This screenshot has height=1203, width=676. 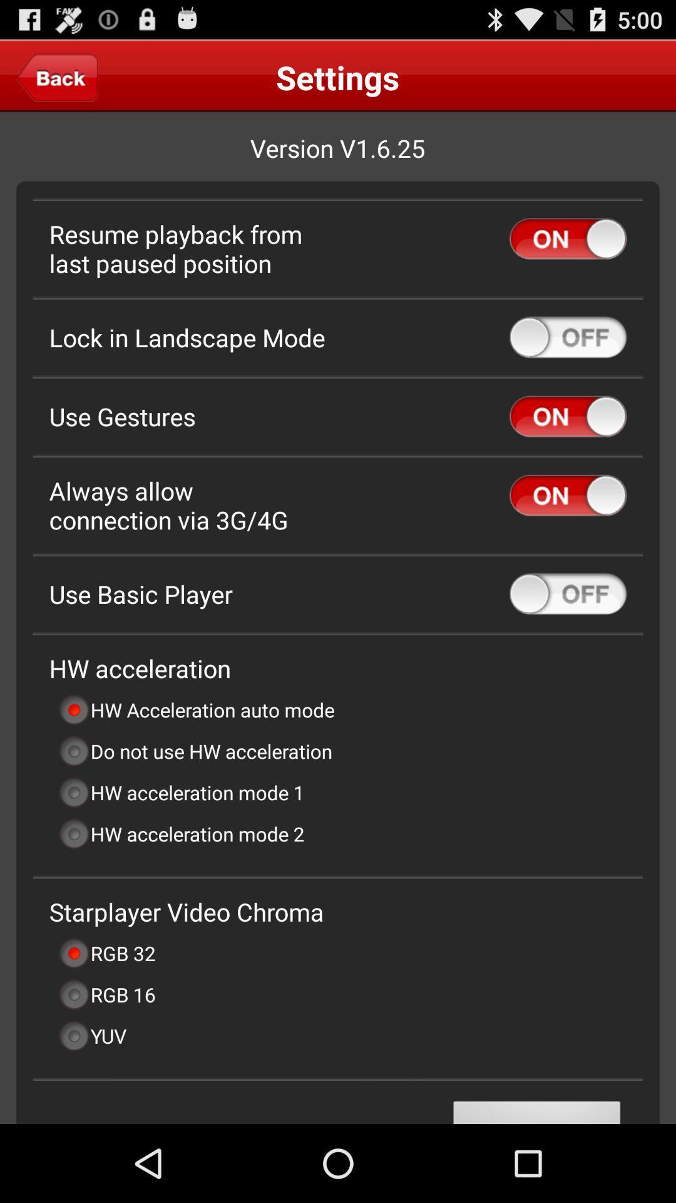 I want to click on switch use gestures option to off, so click(x=568, y=416).